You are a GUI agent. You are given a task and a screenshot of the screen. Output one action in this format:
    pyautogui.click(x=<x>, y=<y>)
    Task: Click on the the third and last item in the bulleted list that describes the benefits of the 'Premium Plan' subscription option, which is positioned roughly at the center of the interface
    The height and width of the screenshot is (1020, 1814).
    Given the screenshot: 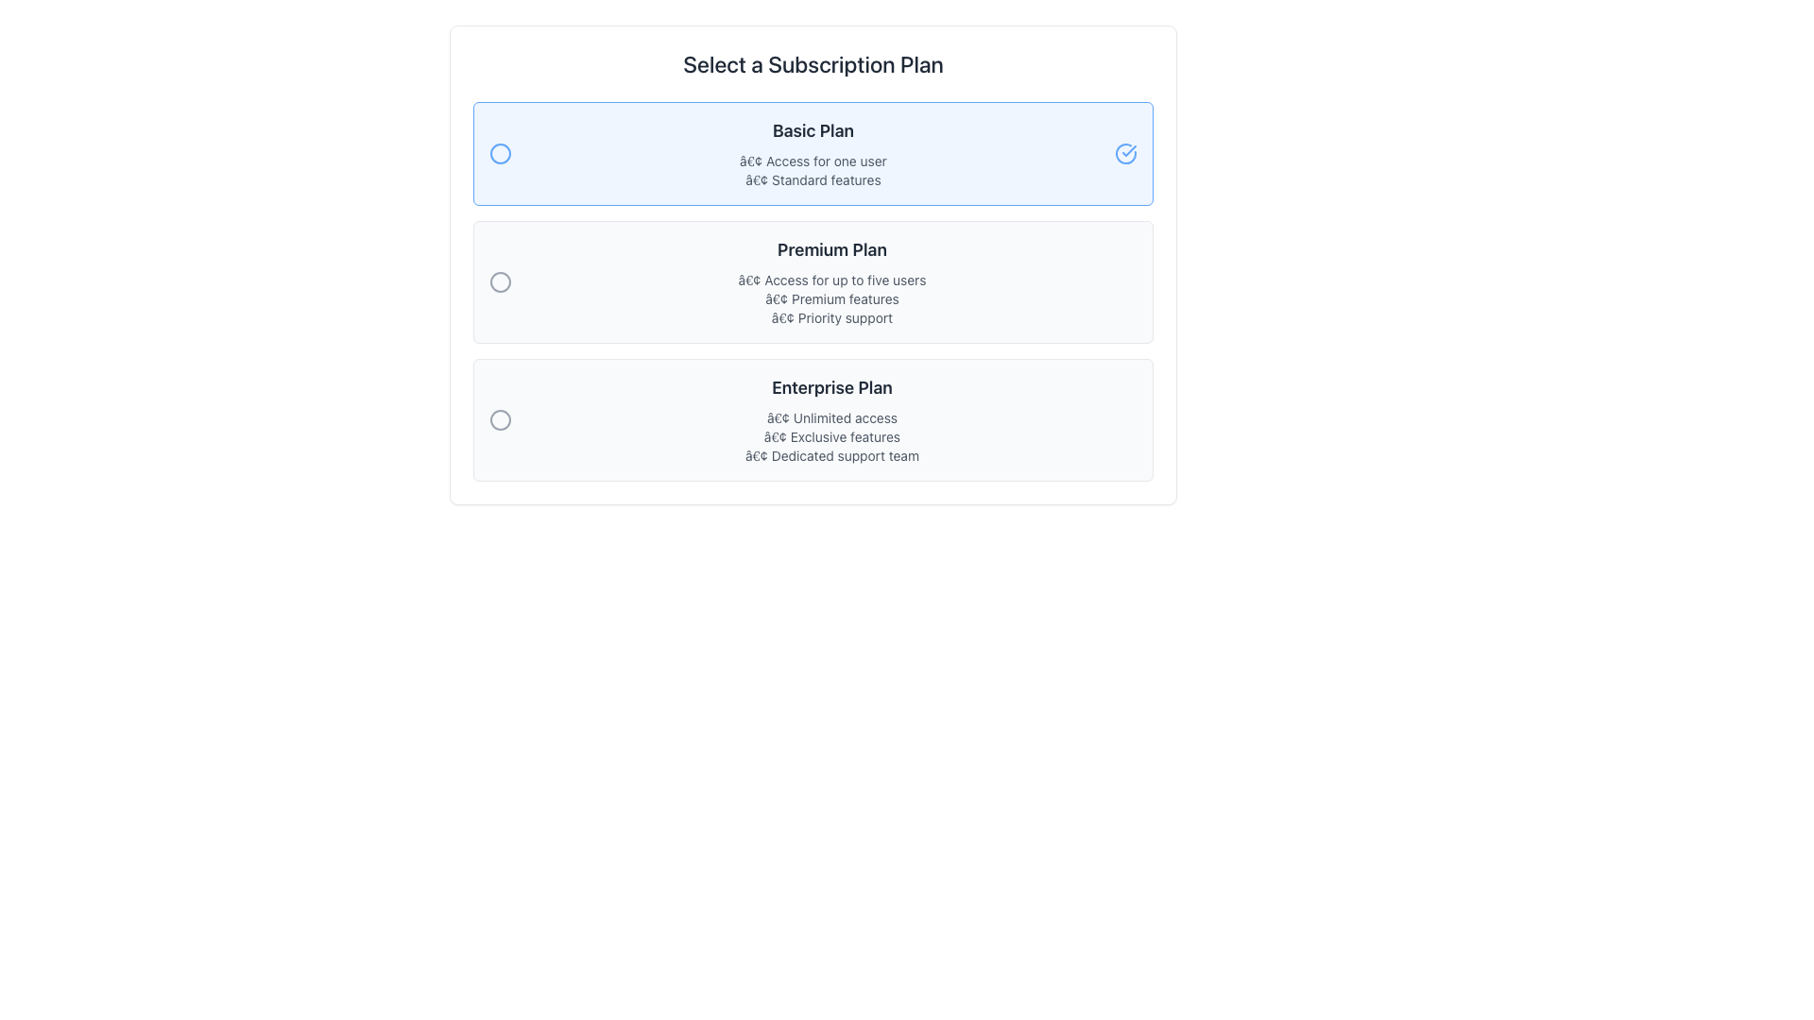 What is the action you would take?
    pyautogui.click(x=831, y=316)
    